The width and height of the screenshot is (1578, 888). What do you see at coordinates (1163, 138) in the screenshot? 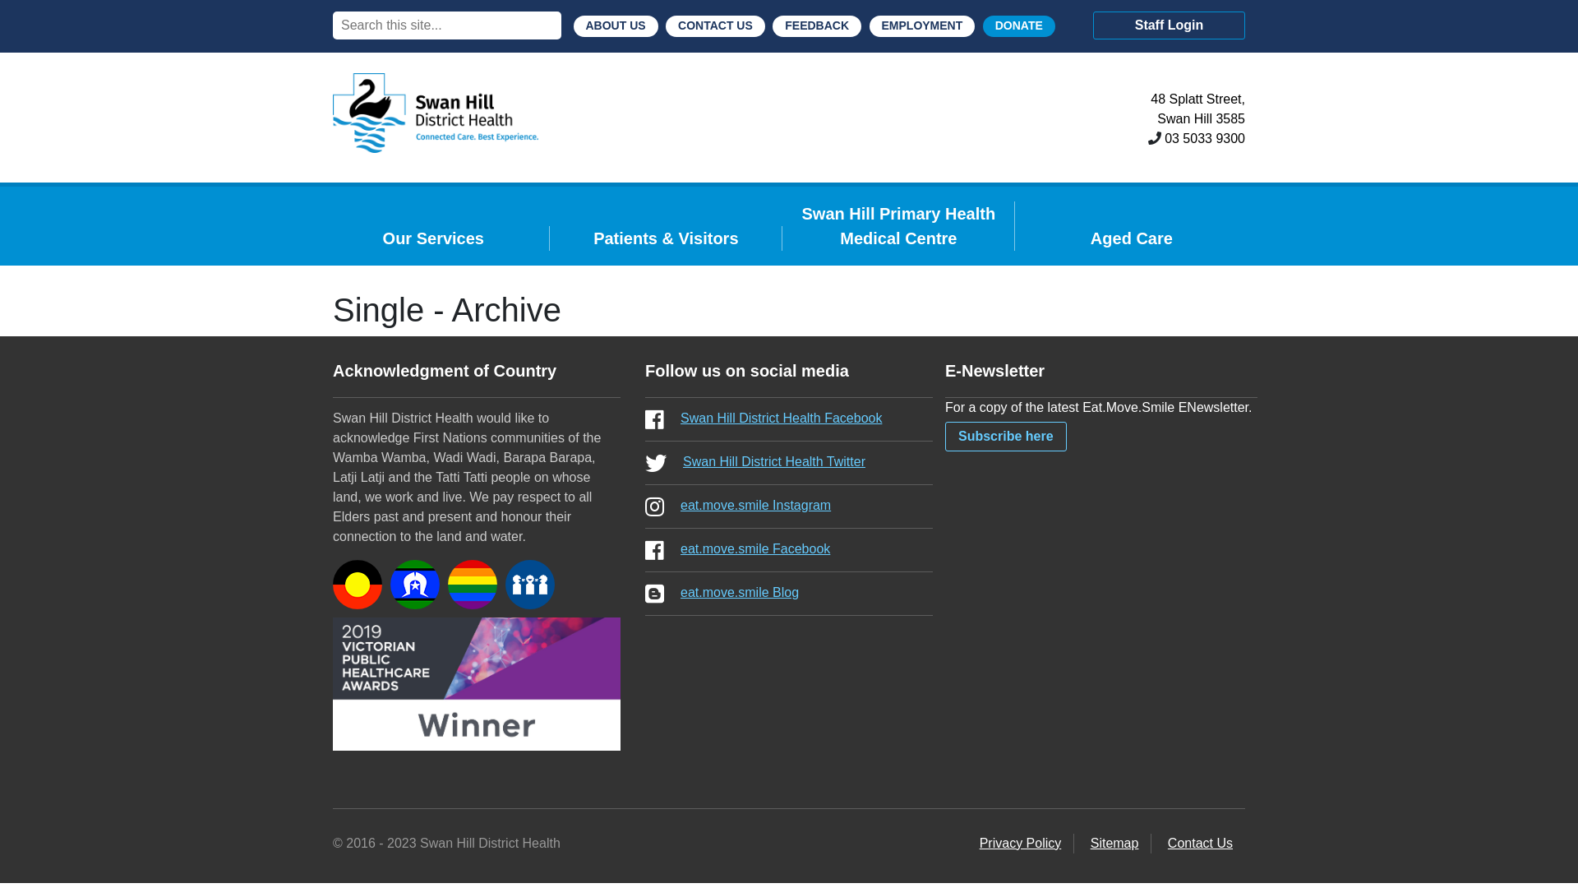
I see `'03 5033 9300'` at bounding box center [1163, 138].